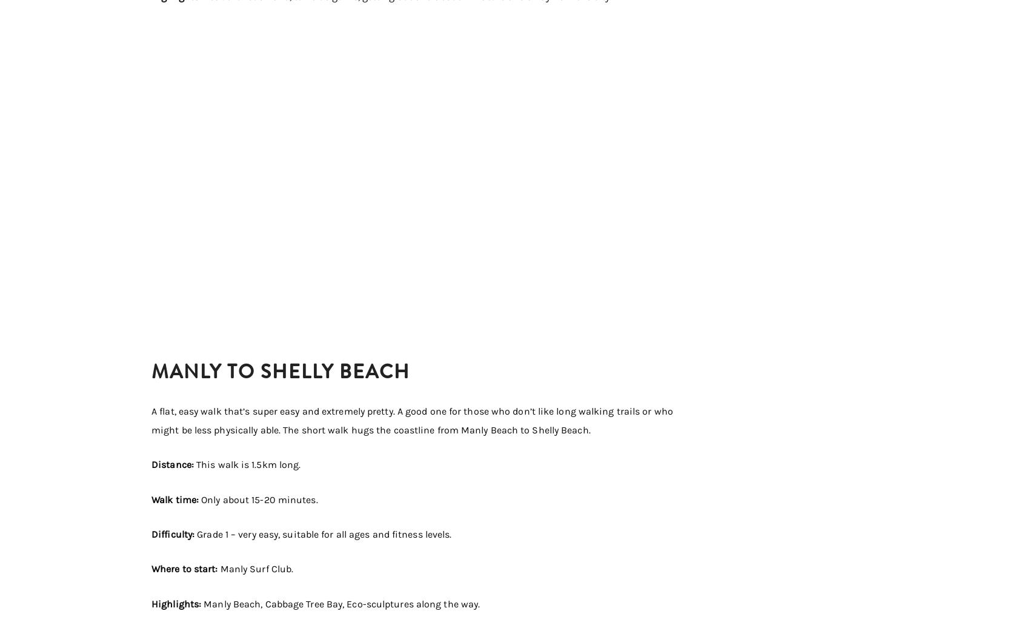  I want to click on 'Walk time:', so click(176, 499).